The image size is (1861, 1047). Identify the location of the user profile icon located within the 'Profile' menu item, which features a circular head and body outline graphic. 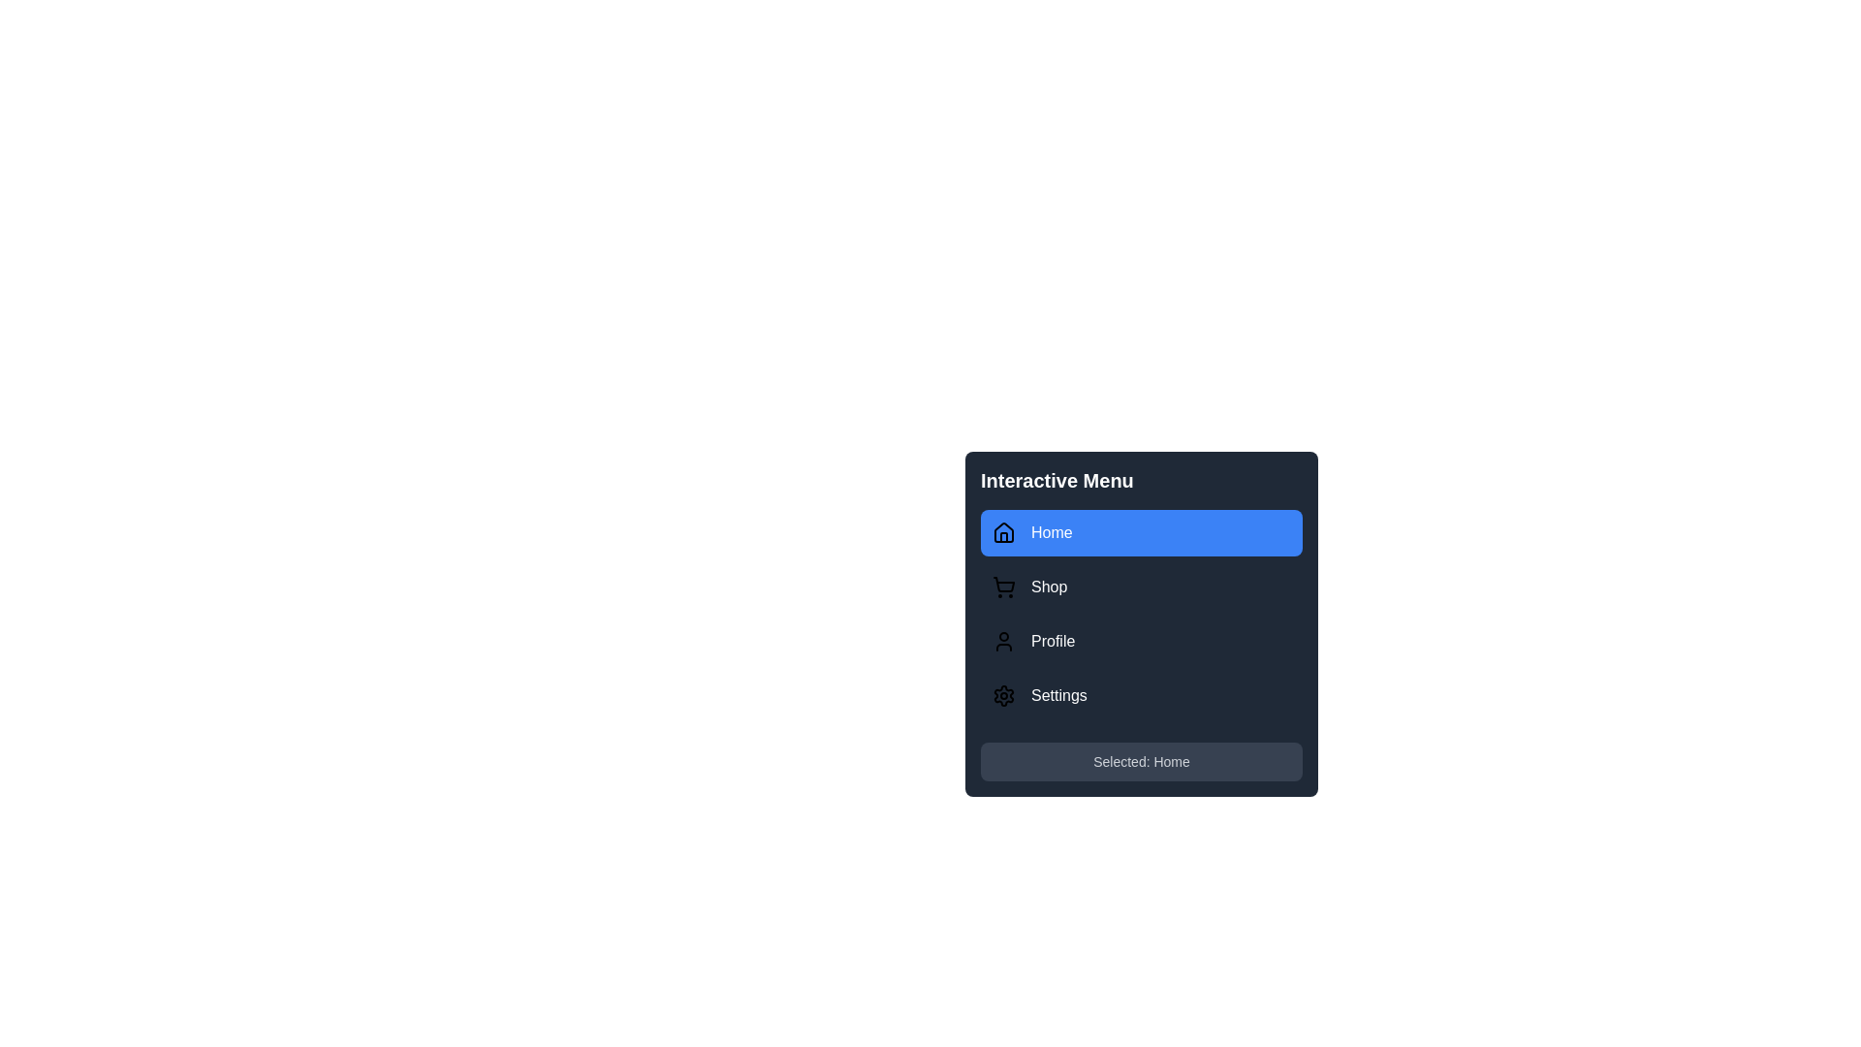
(1004, 642).